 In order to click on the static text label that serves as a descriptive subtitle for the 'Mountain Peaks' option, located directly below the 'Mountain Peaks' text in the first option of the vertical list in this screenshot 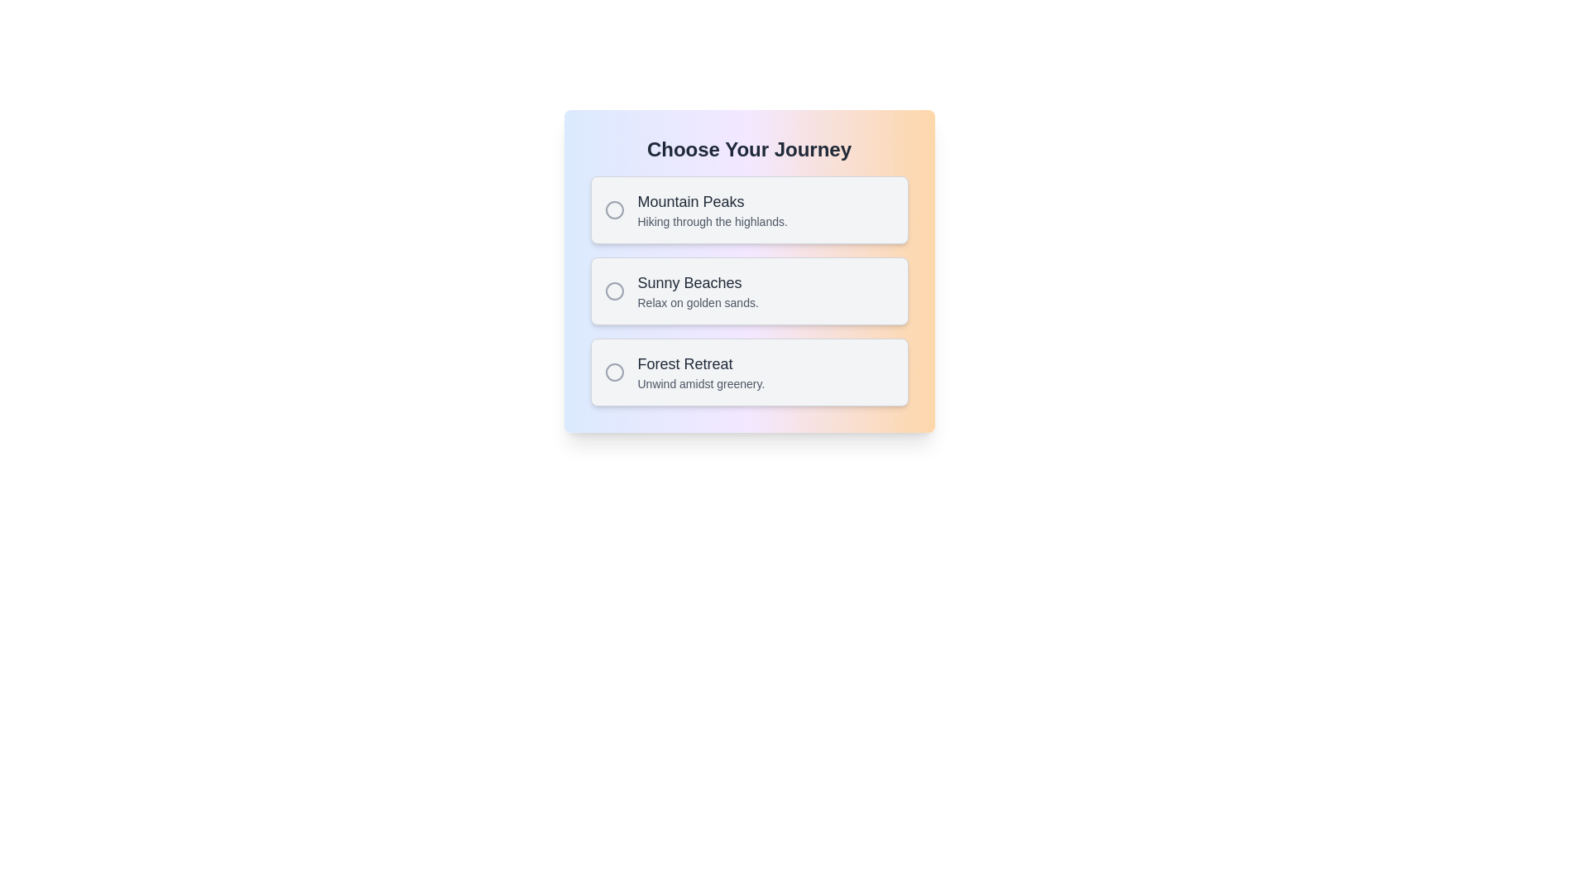, I will do `click(713, 220)`.